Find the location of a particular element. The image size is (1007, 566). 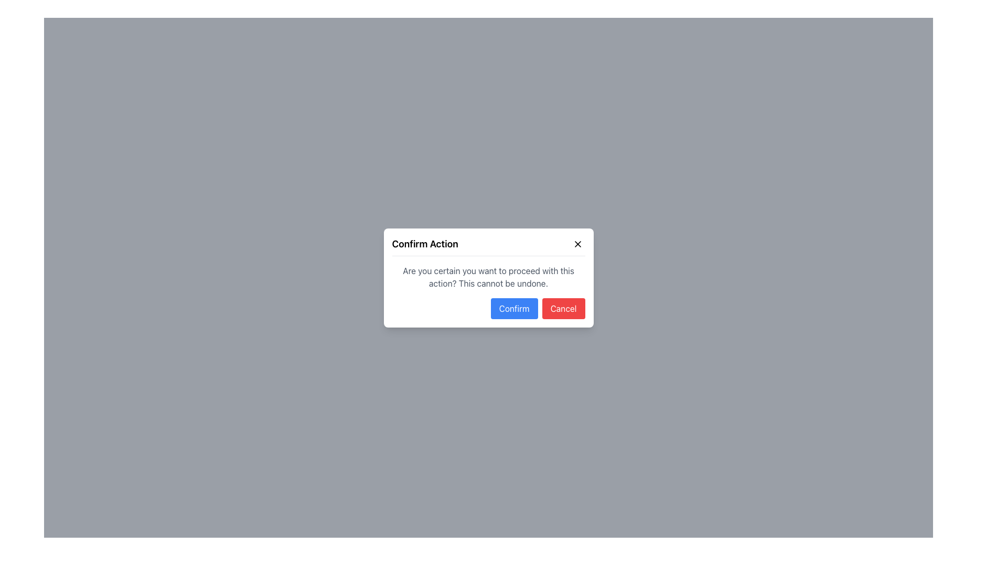

the close button located at the top right corner of the modal dialog box is located at coordinates (577, 244).